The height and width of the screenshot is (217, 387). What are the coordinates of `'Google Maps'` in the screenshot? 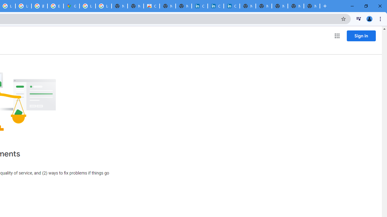 It's located at (71, 6).